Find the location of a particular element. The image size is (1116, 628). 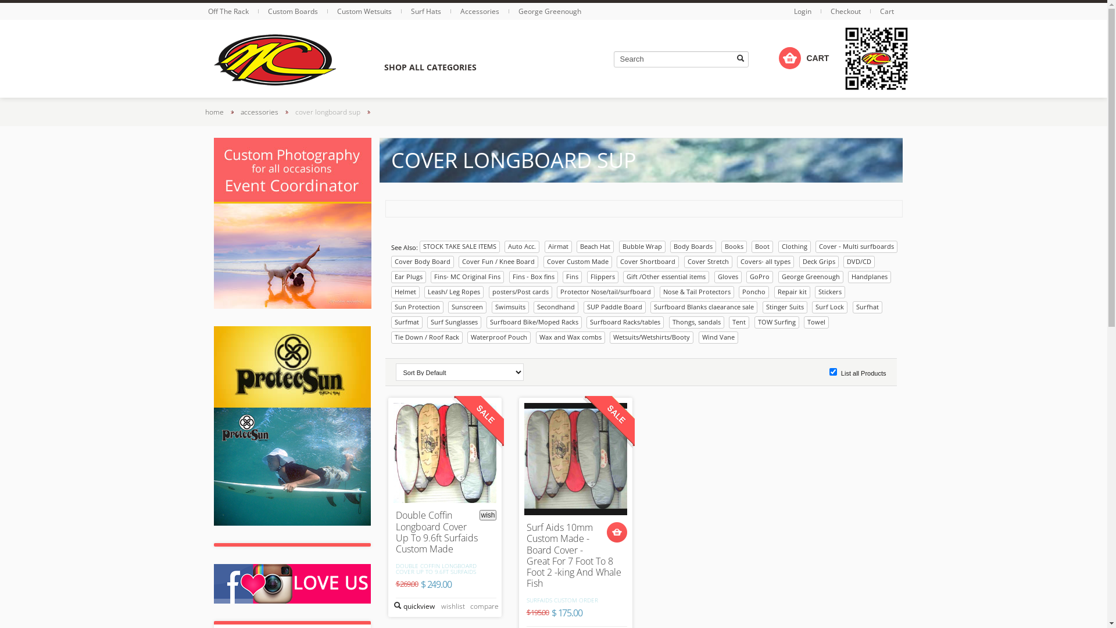

'George Greenough' is located at coordinates (549, 11).